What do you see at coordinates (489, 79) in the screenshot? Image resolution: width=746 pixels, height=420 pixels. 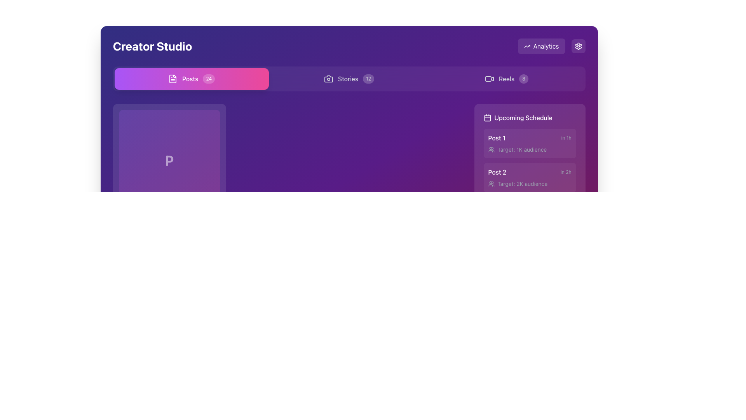 I see `the icon representing the 'Reels' section, located to the left of the text 'Reels' and above the numeral '8' in the horizontal navigation bar at the upper section of the interface` at bounding box center [489, 79].